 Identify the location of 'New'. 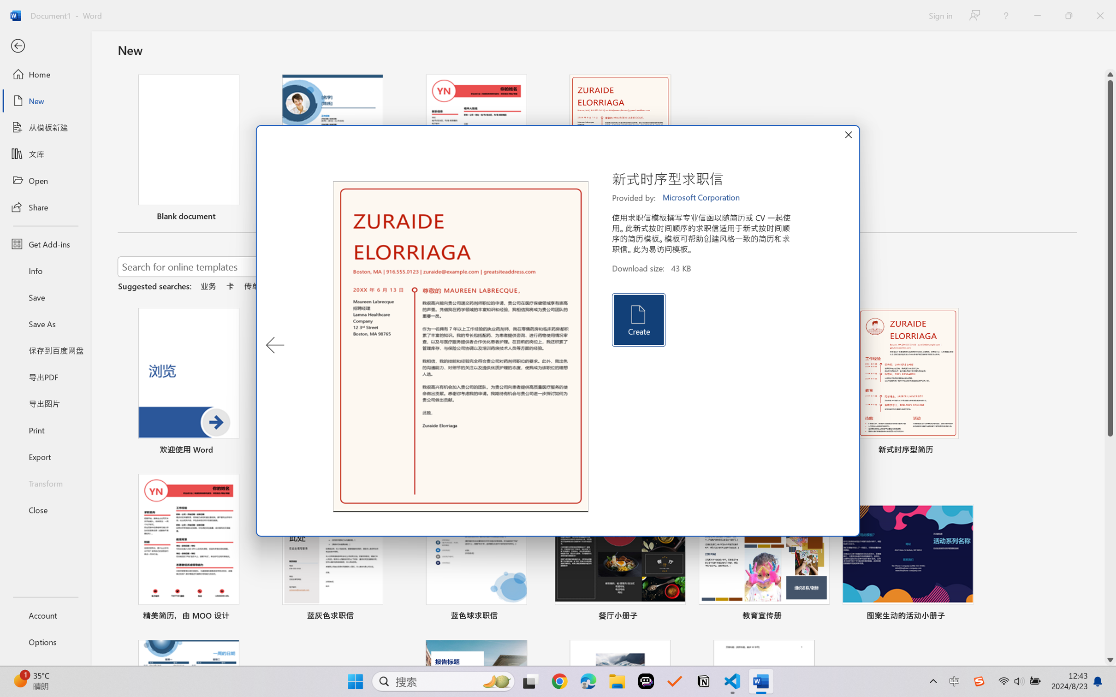
(45, 100).